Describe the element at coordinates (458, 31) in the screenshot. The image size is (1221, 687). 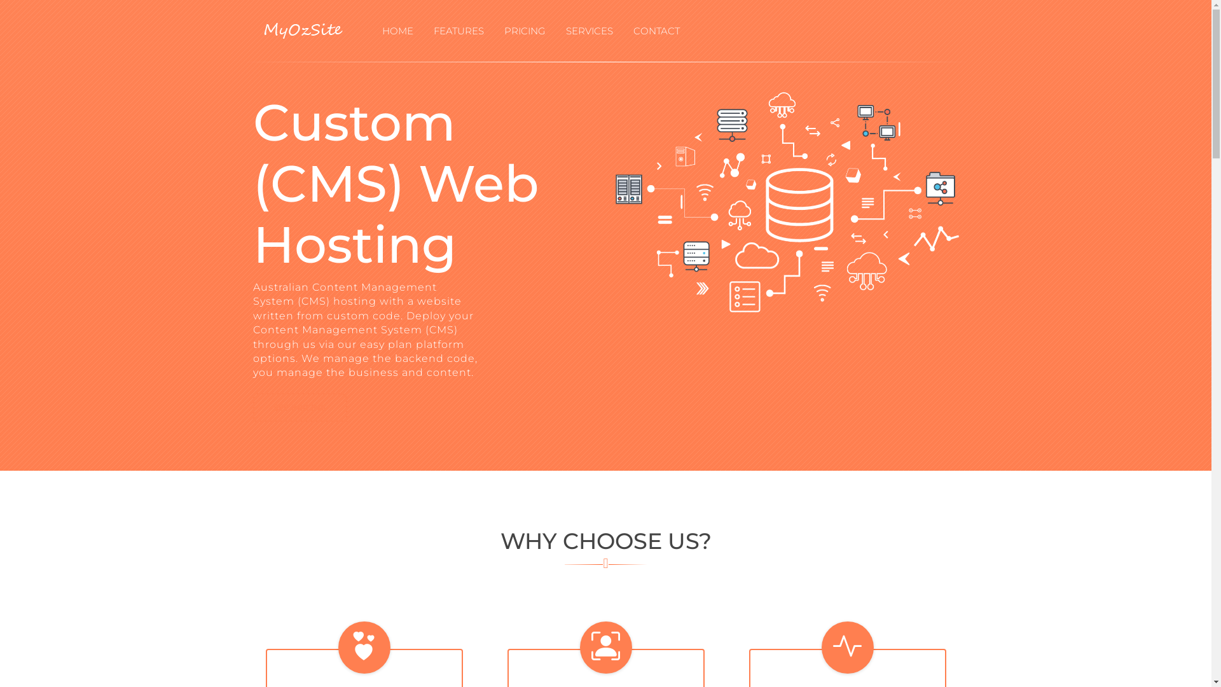
I see `'FEATURES'` at that location.